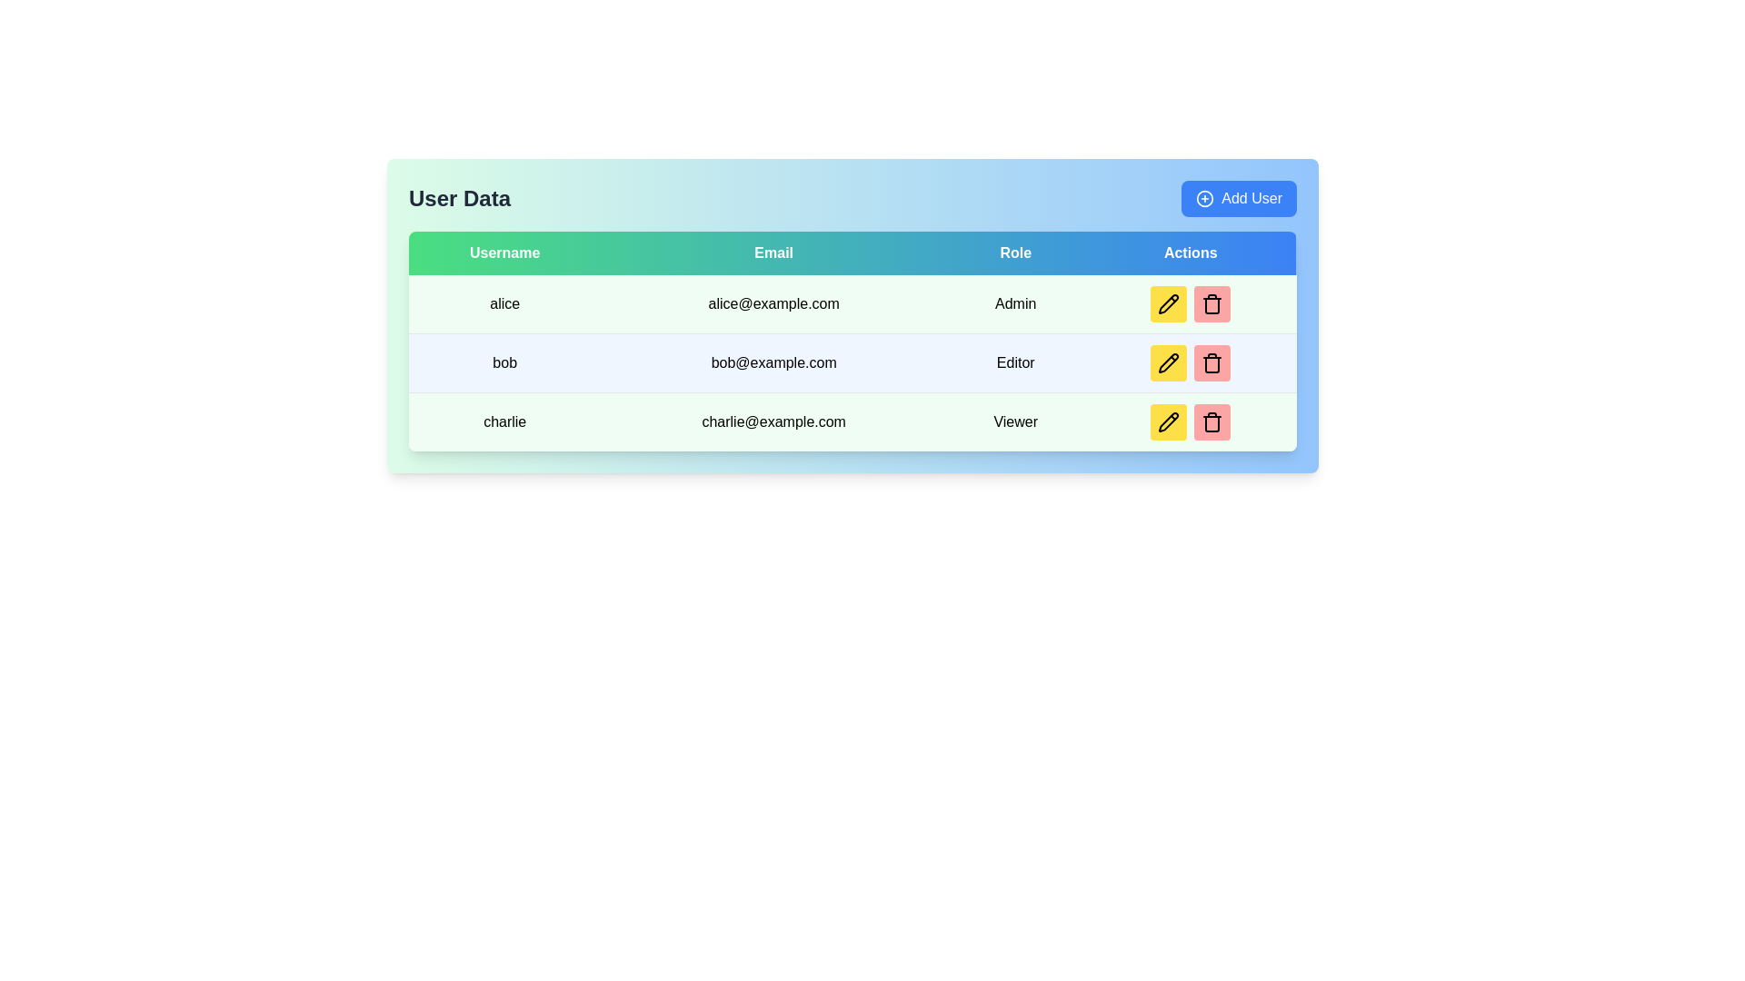 The height and width of the screenshot is (981, 1745). I want to click on the trash icon button located in the third row of the Actions column in the table, so click(1212, 303).